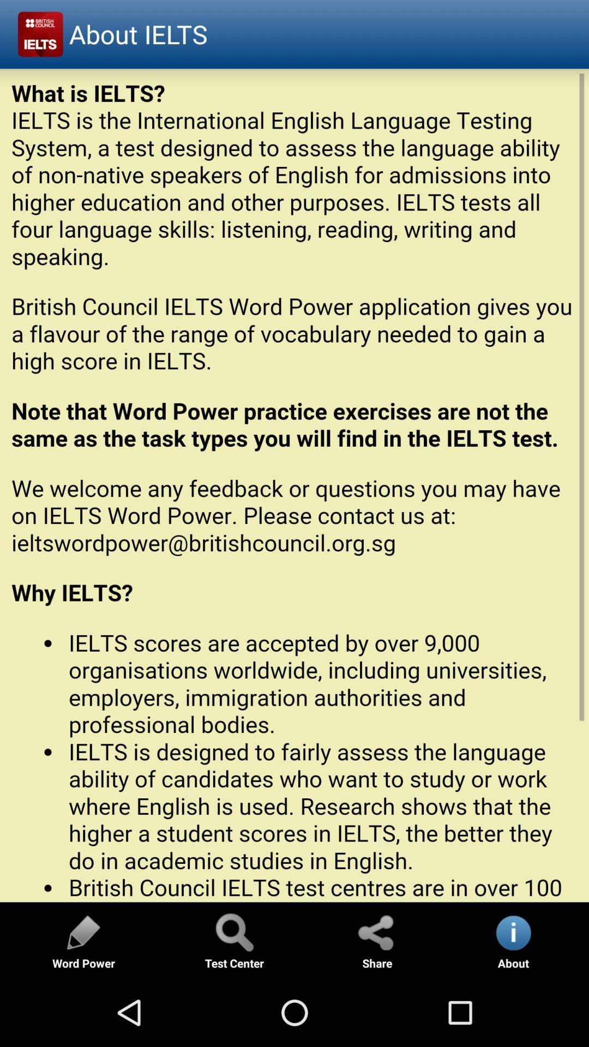 The width and height of the screenshot is (589, 1047). Describe the element at coordinates (233, 931) in the screenshot. I see `search for help` at that location.